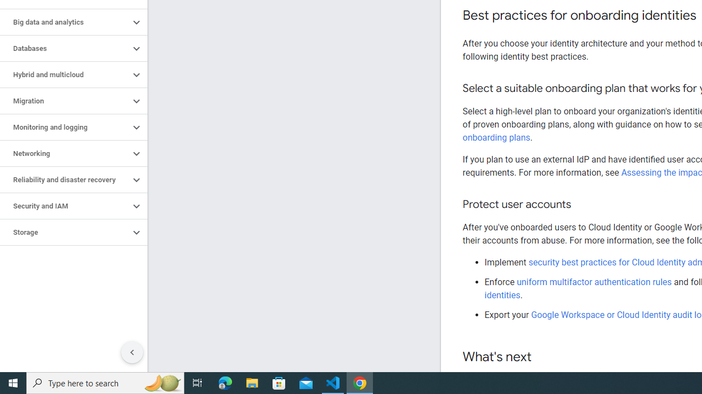  Describe the element at coordinates (64, 154) in the screenshot. I see `'Networking'` at that location.